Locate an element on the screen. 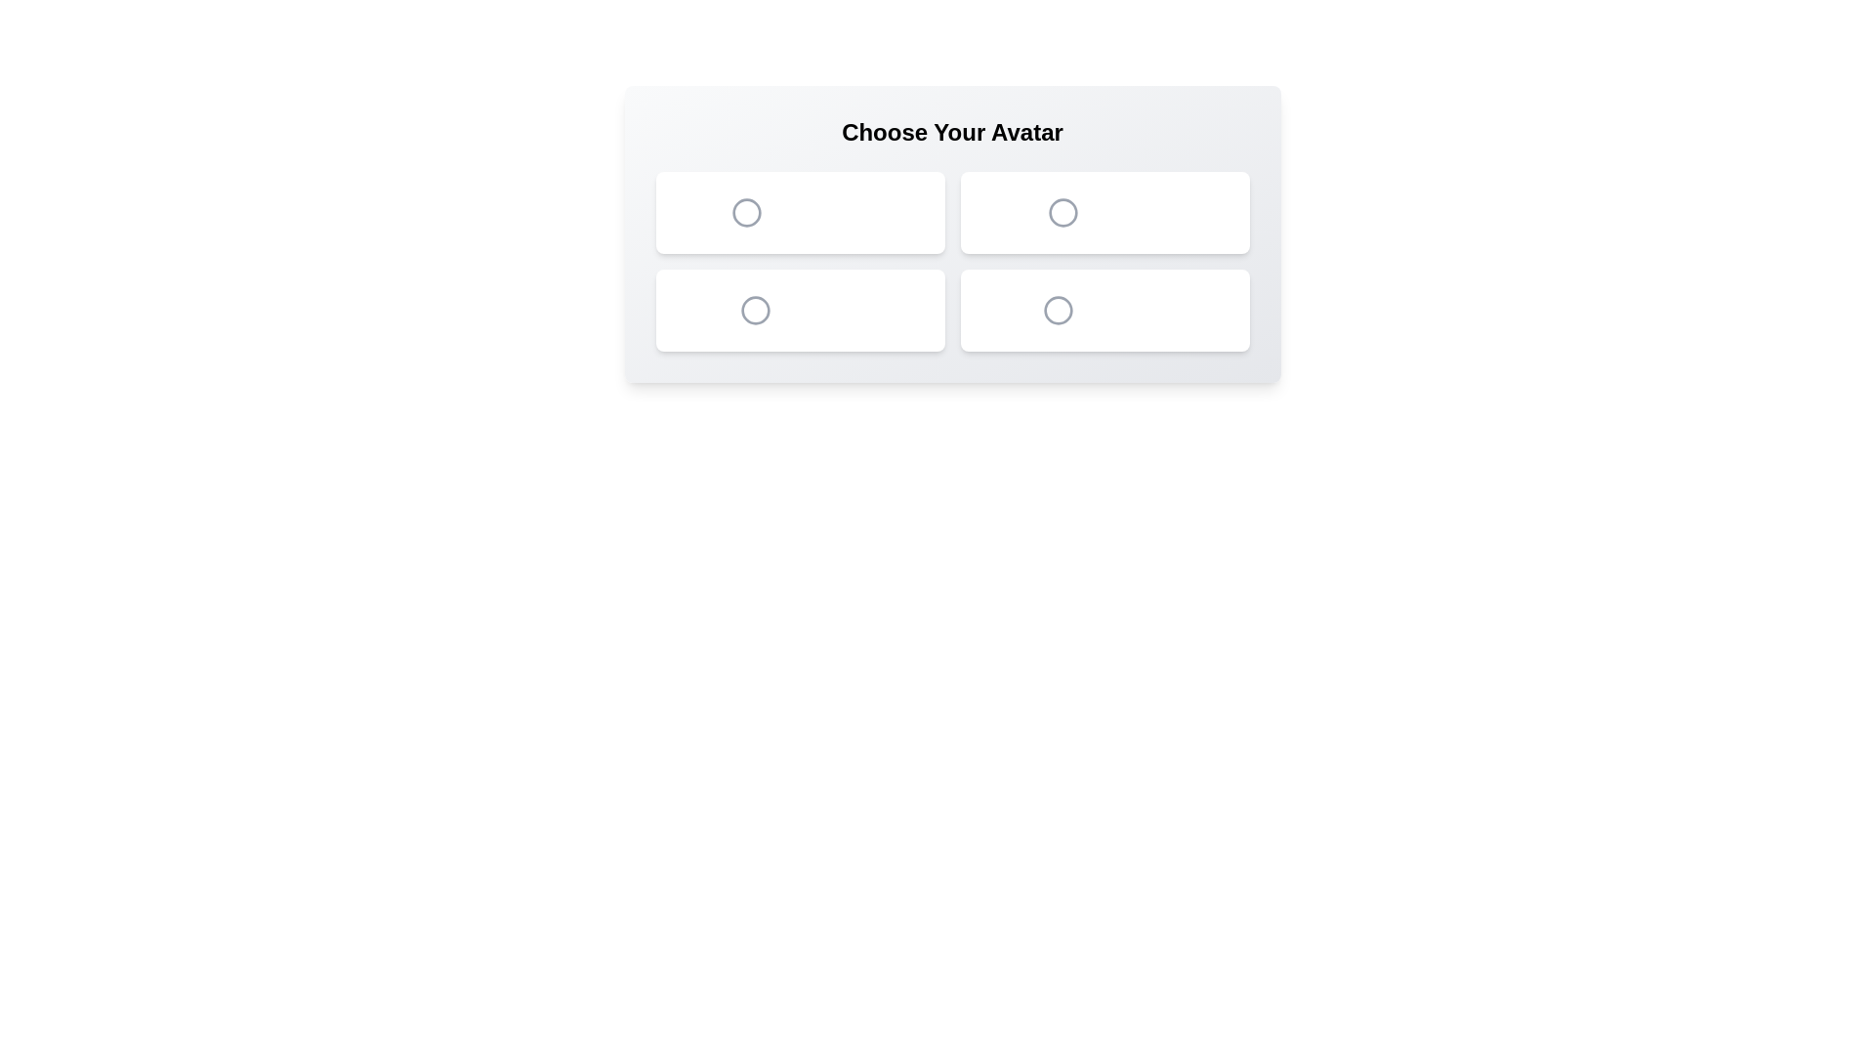 The image size is (1875, 1055). the circular icon with a gray border and white interior located on the left side of the 'Adventurer' selection box is located at coordinates (746, 213).